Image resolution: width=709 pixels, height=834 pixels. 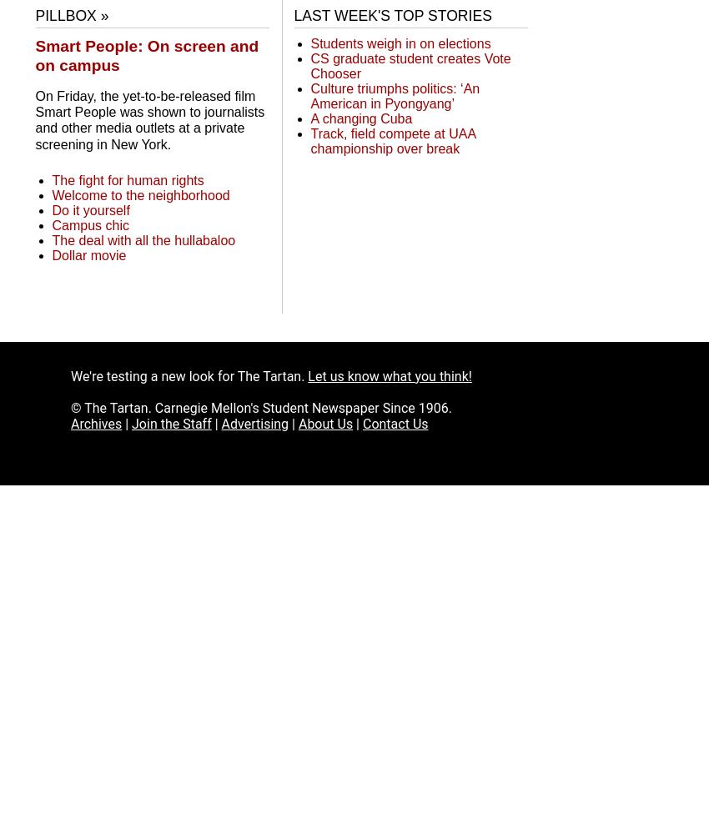 What do you see at coordinates (71, 16) in the screenshot?
I see `'Pillbox »'` at bounding box center [71, 16].